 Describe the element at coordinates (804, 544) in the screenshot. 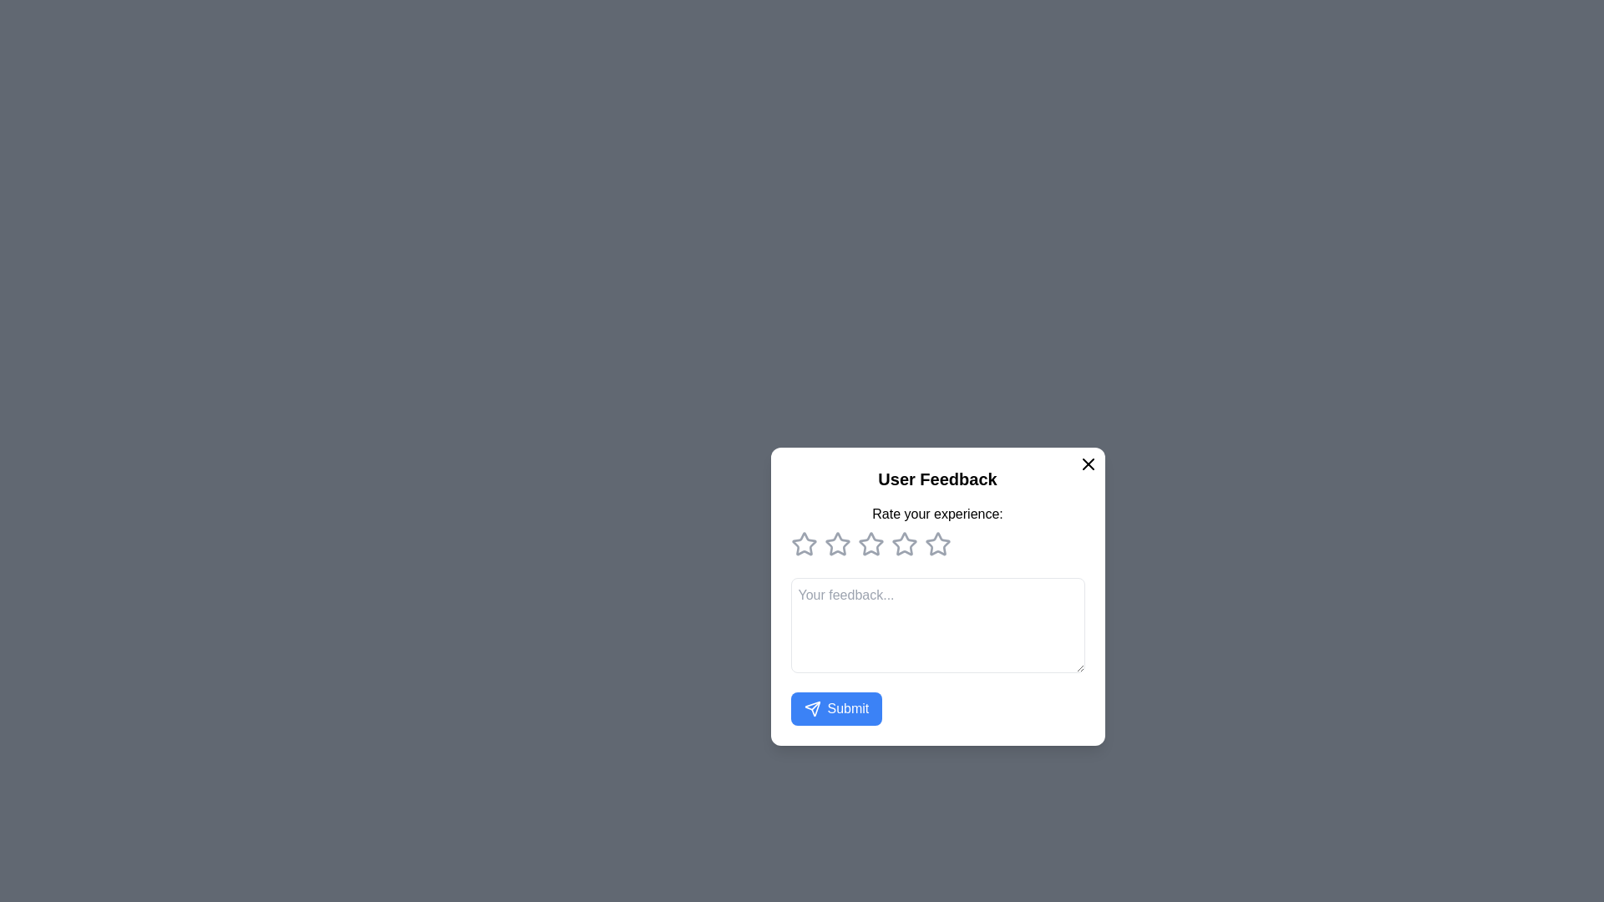

I see `the first star icon in the rating section below the text 'Rate your experience:' to provide feedback` at that location.